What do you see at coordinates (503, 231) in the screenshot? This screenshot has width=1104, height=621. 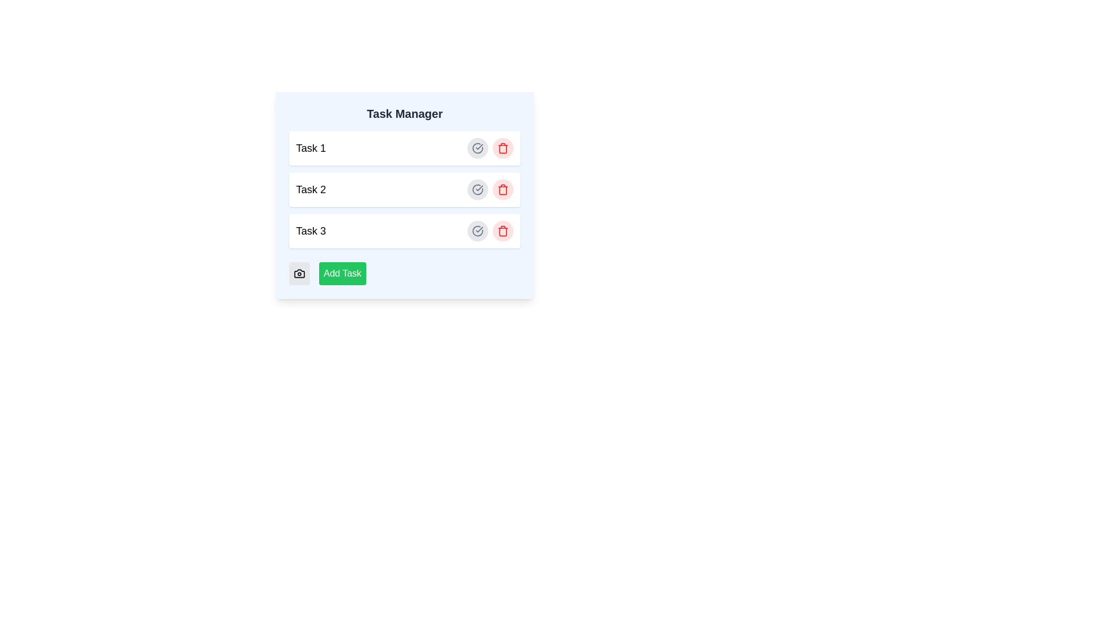 I see `the delete button` at bounding box center [503, 231].